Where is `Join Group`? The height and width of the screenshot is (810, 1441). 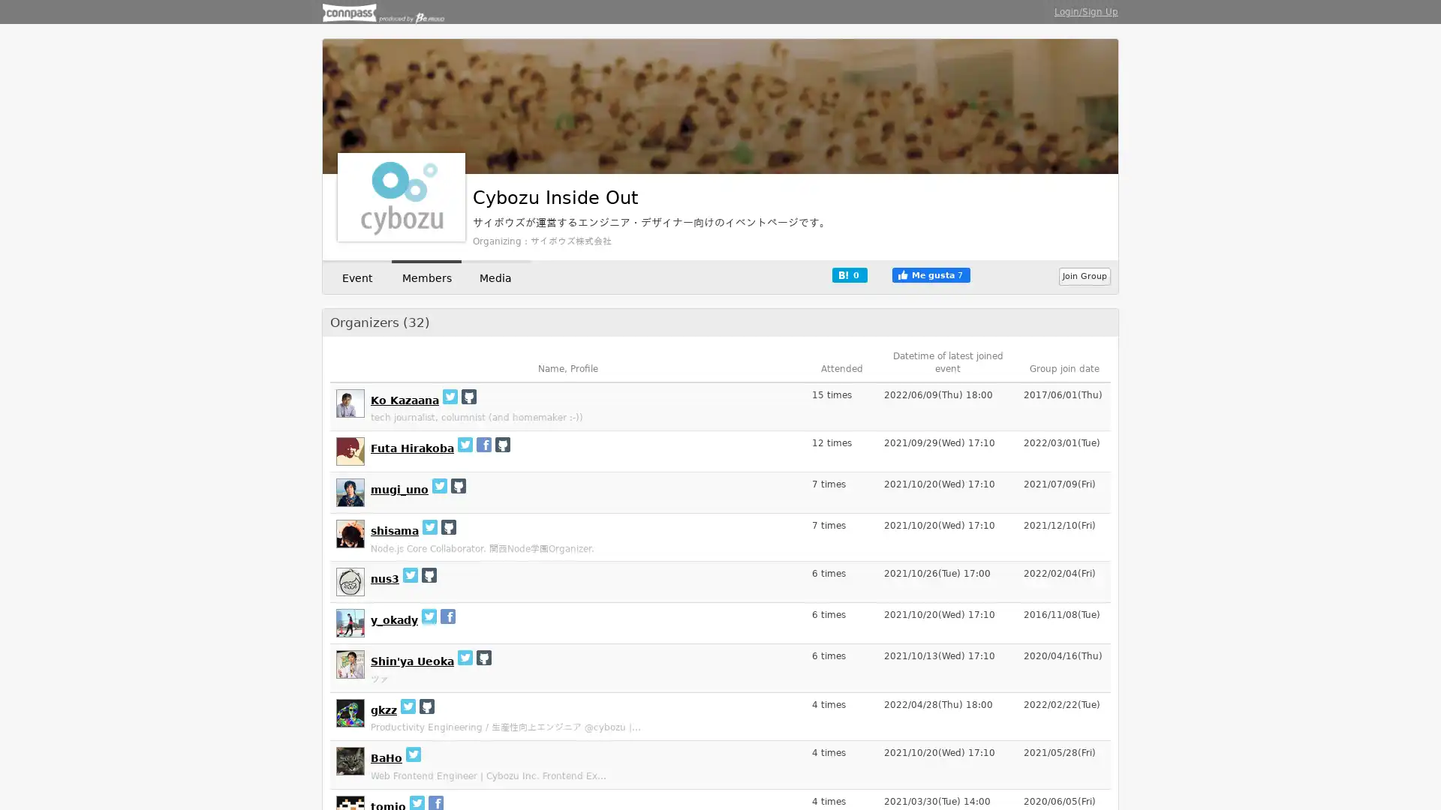
Join Group is located at coordinates (1085, 275).